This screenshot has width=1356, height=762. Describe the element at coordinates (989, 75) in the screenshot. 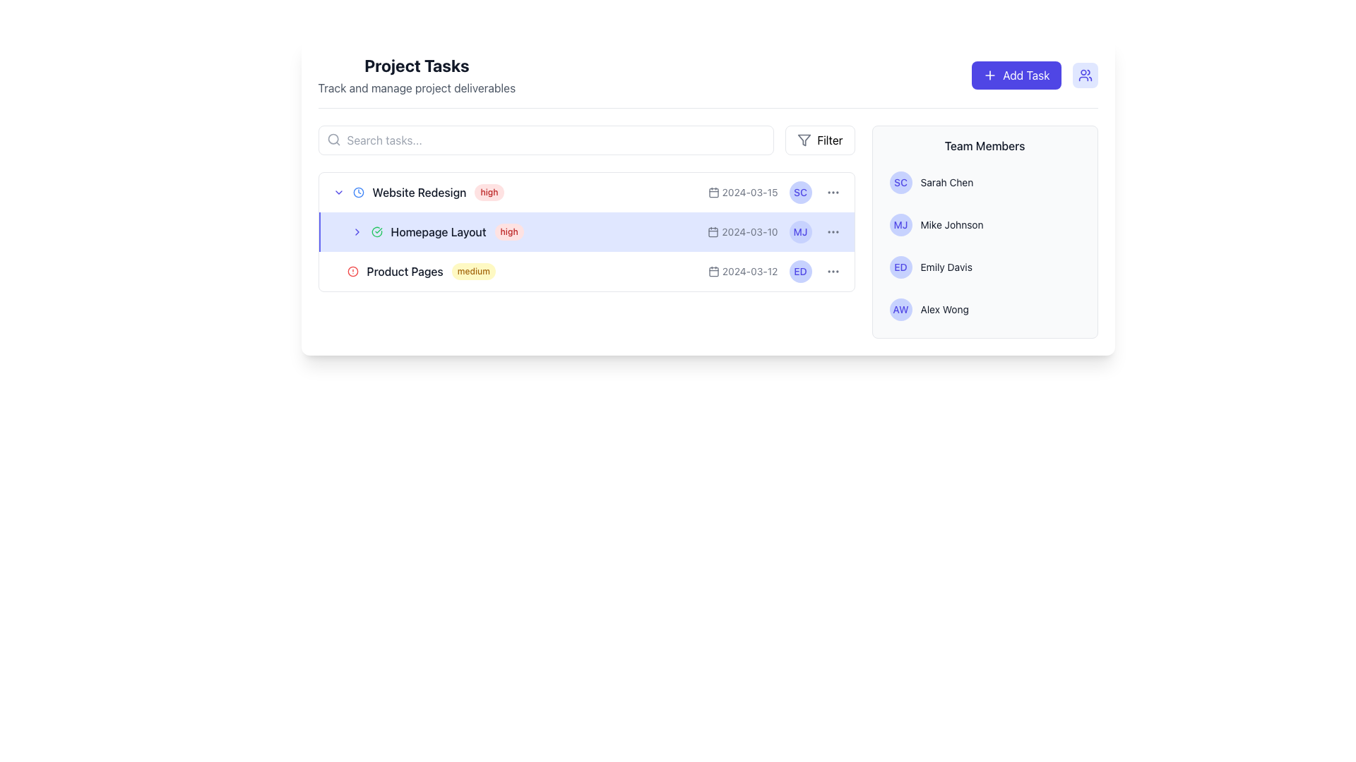

I see `the plus (+) icon that is part of the 'Add Task' button located in the top-right corner of the interface` at that location.